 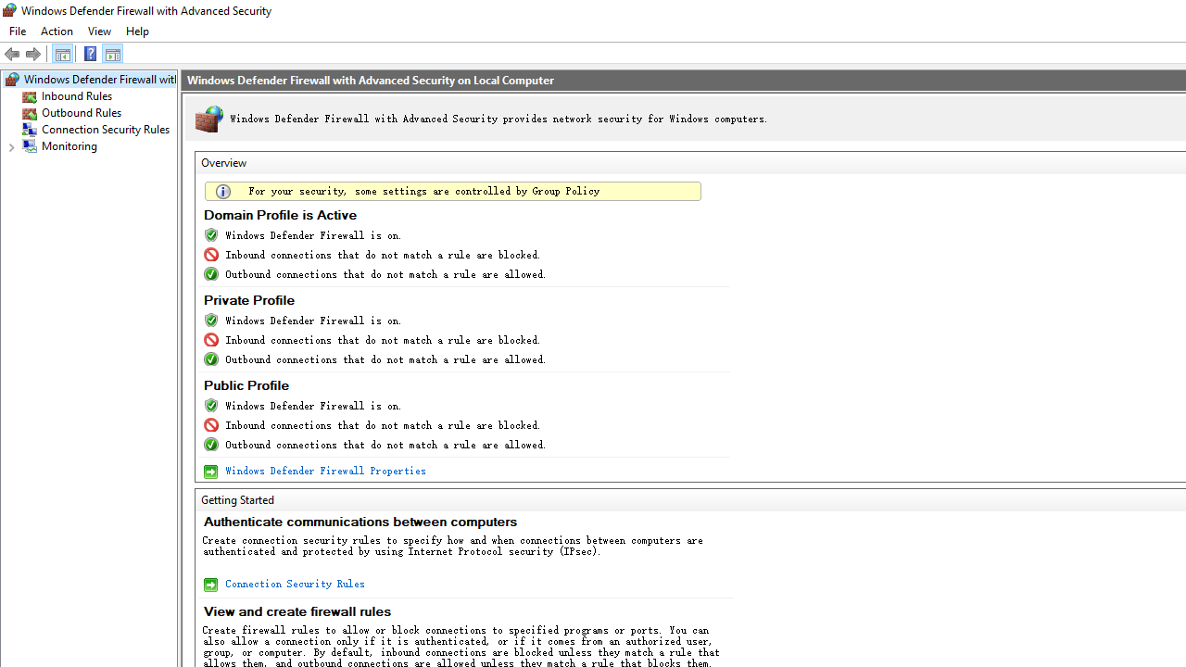 I want to click on 'Show/Hide Action Pane', so click(x=111, y=52).